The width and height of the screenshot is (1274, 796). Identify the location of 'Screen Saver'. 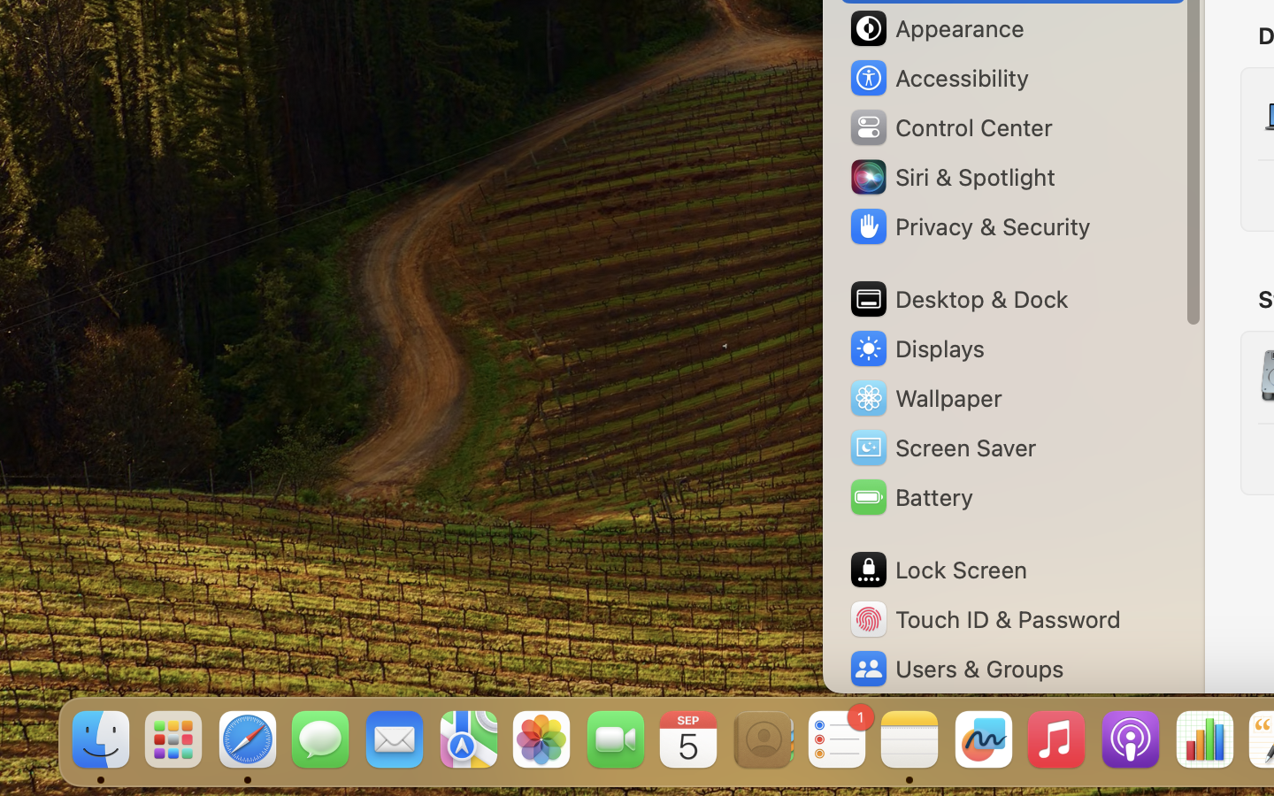
(942, 446).